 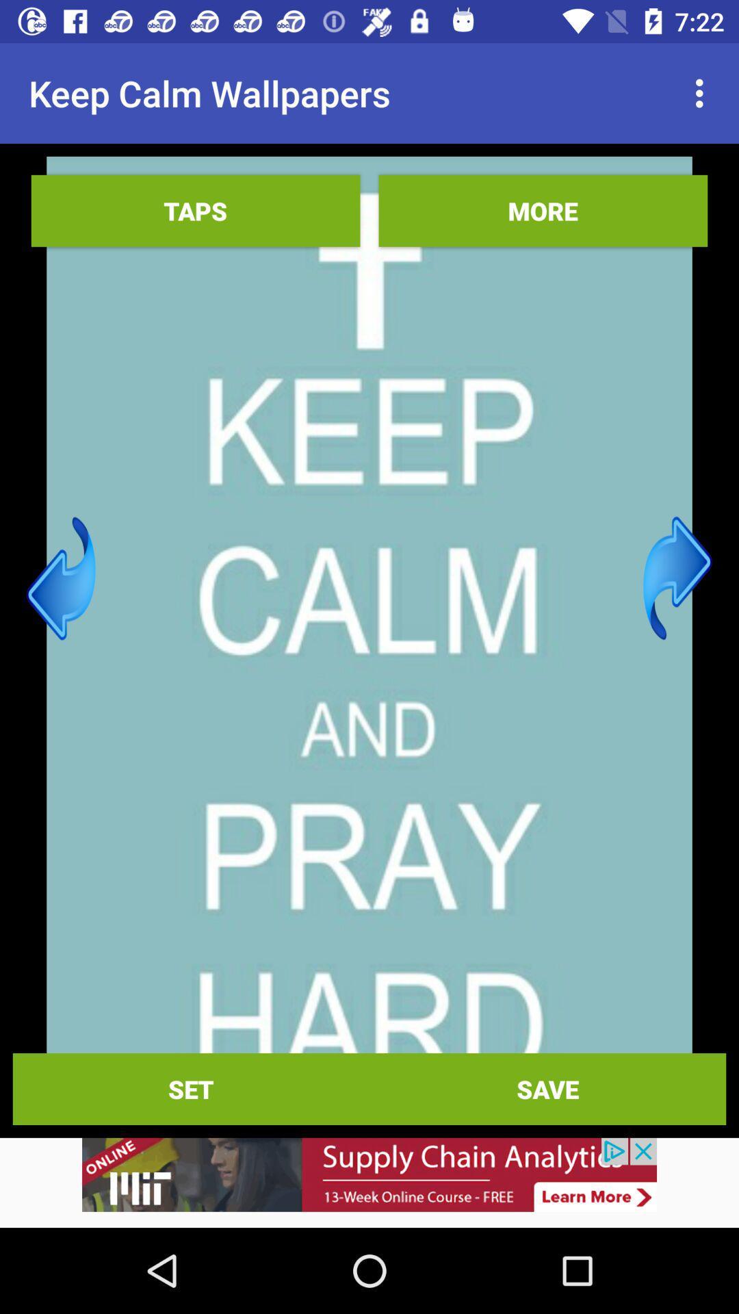 What do you see at coordinates (60, 578) in the screenshot?
I see `go back` at bounding box center [60, 578].